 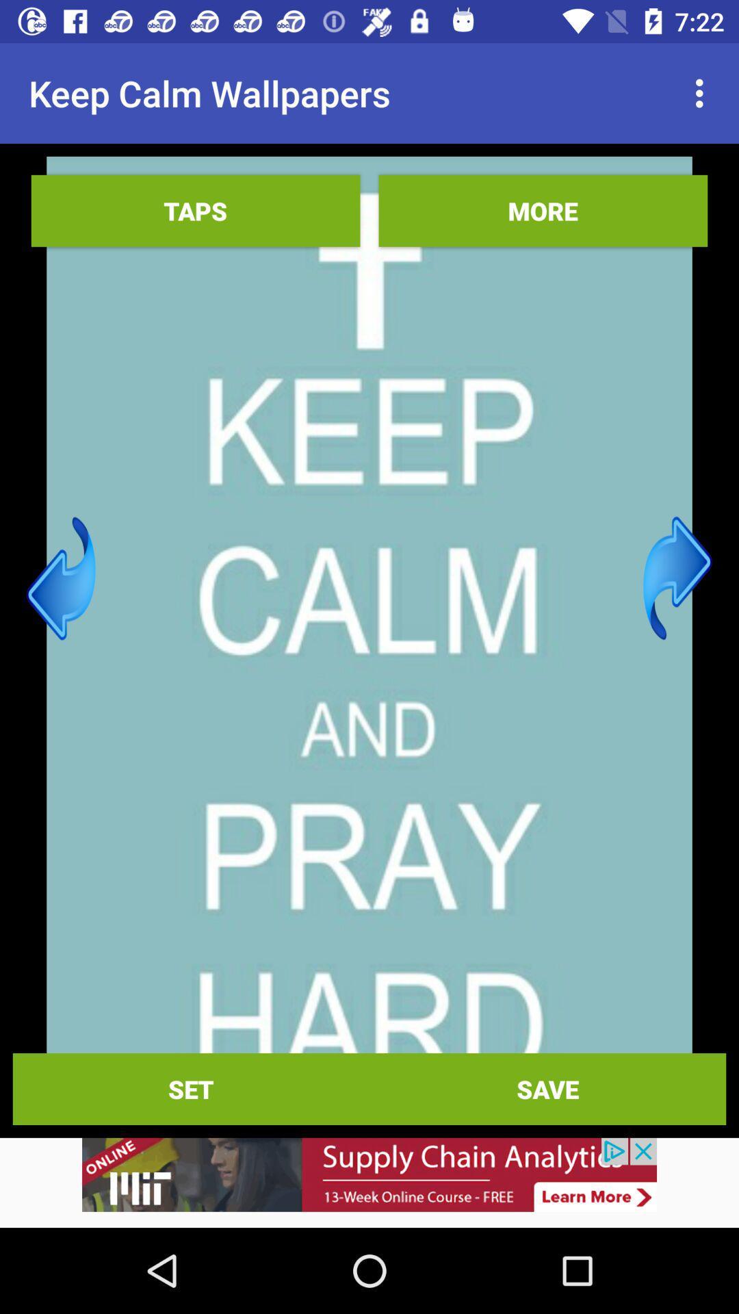 What do you see at coordinates (60, 578) in the screenshot?
I see `go back` at bounding box center [60, 578].